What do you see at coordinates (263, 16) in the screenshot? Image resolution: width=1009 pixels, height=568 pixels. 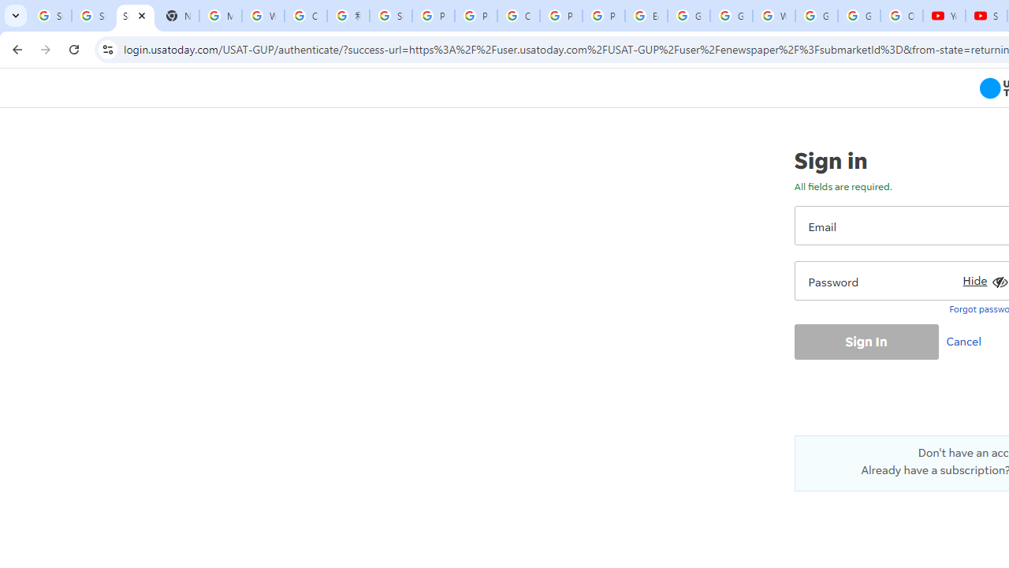 I see `'Who is my administrator? - Google Account Help'` at bounding box center [263, 16].